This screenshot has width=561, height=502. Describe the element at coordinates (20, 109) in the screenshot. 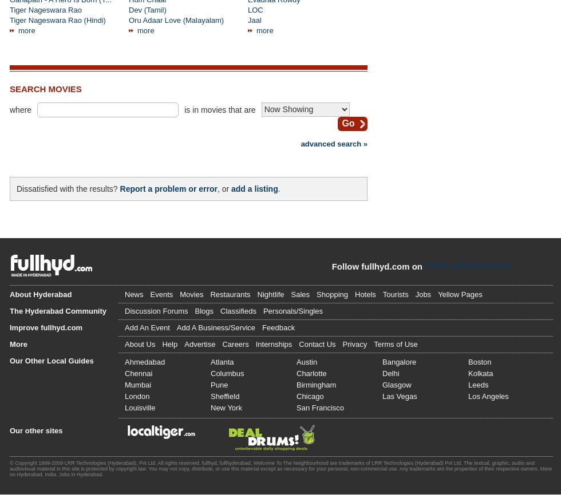

I see `'where'` at that location.